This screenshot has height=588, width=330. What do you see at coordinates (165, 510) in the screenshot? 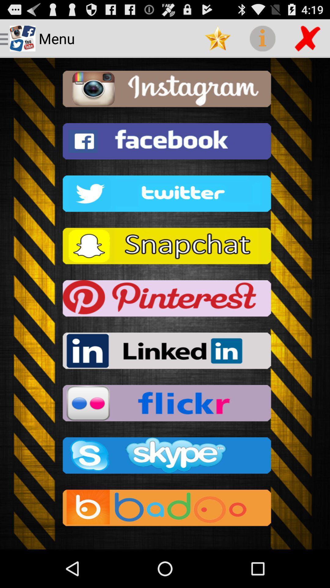
I see `the last option of the page` at bounding box center [165, 510].